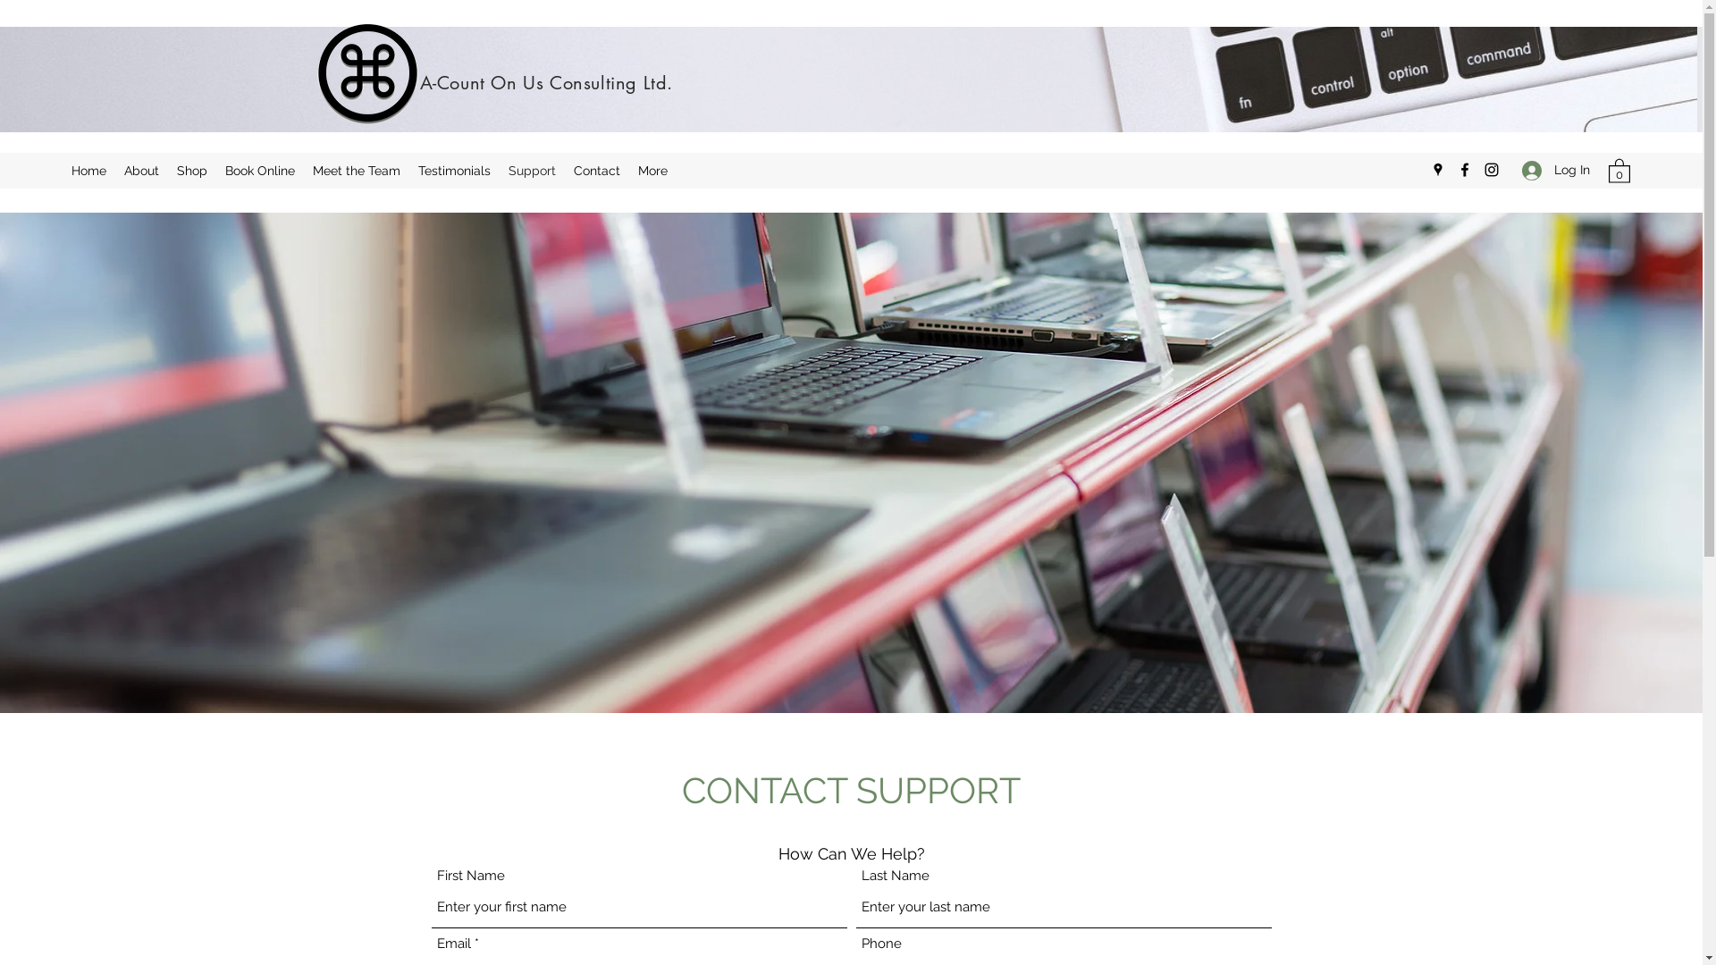 The image size is (1716, 965). I want to click on 'Shop', so click(192, 171).